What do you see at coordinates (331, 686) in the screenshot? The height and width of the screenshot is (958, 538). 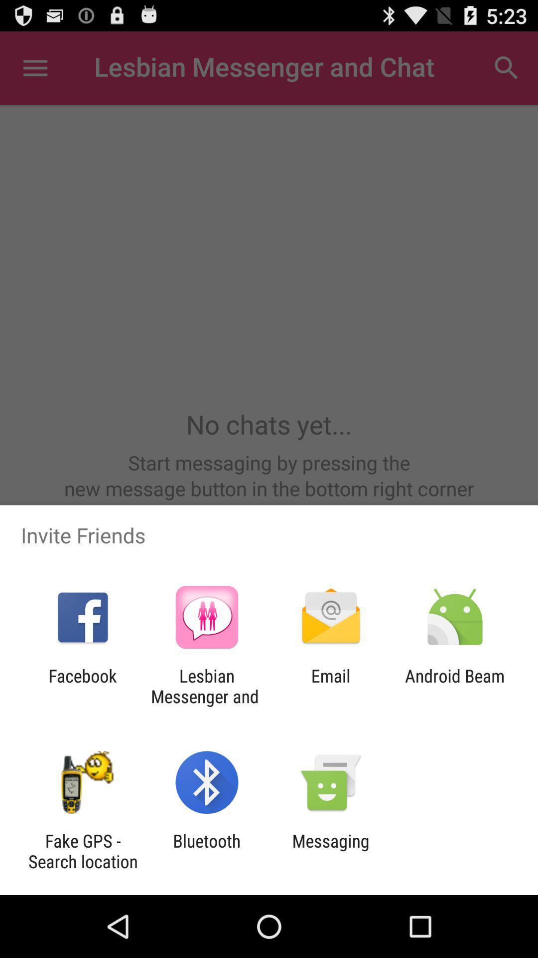 I see `the icon to the left of the android beam item` at bounding box center [331, 686].